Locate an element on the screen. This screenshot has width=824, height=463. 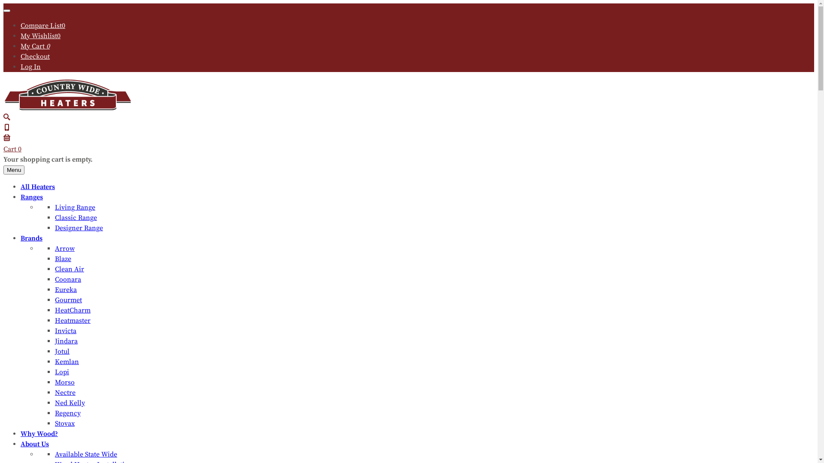
'Ranges' is located at coordinates (21, 197).